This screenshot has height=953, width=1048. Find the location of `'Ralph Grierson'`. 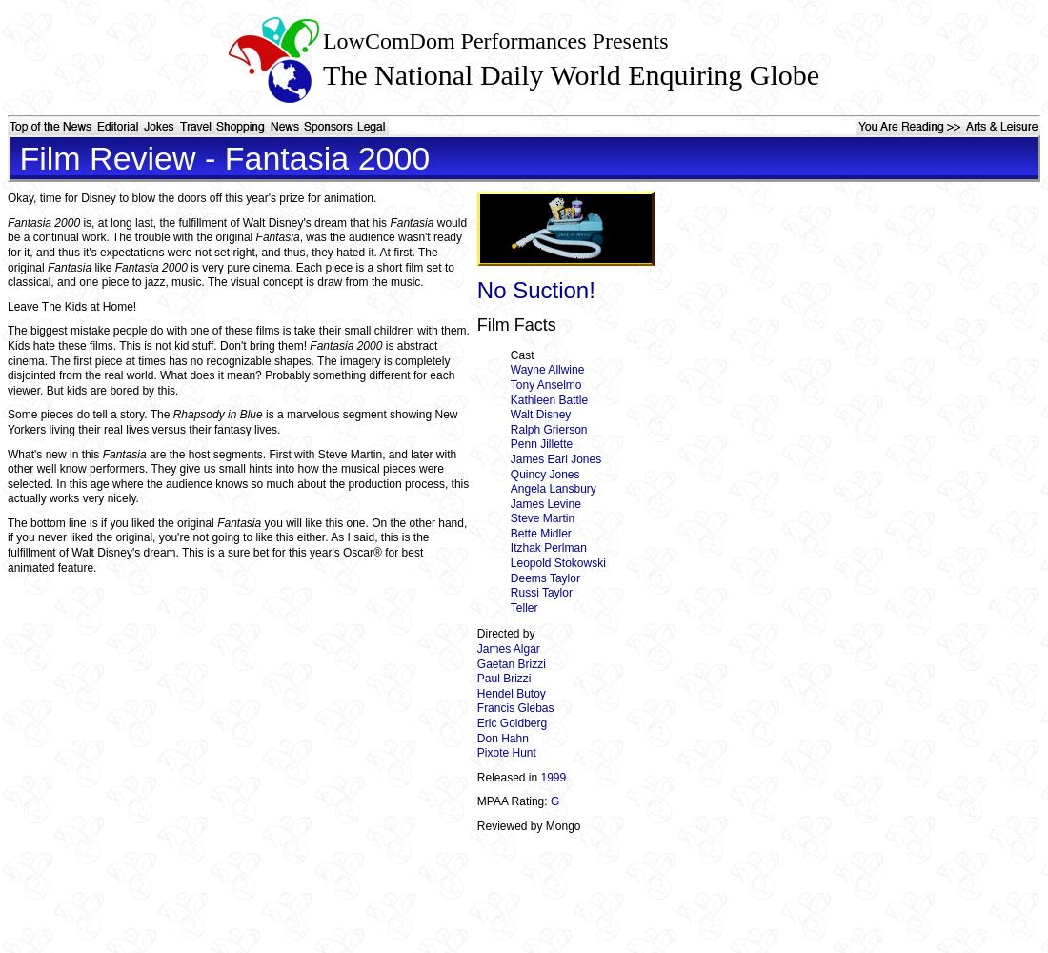

'Ralph Grierson' is located at coordinates (547, 428).